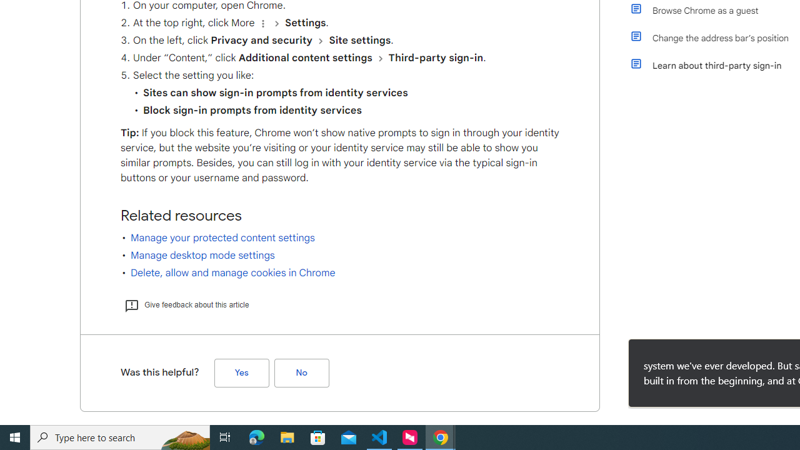 Image resolution: width=800 pixels, height=450 pixels. I want to click on 'Organize', so click(262, 23).